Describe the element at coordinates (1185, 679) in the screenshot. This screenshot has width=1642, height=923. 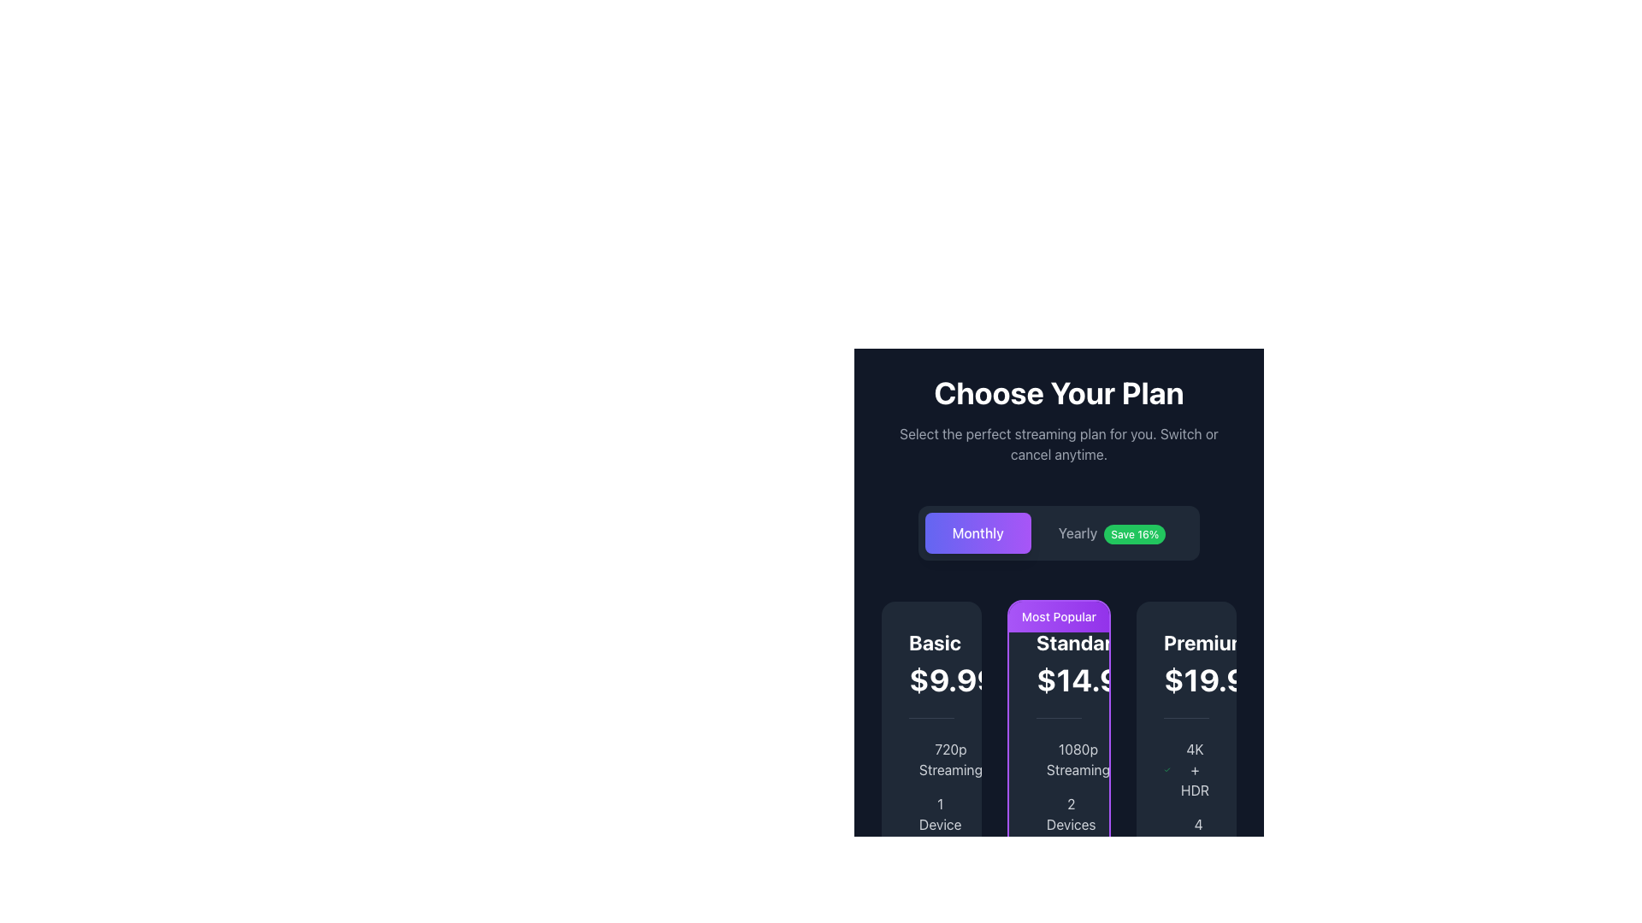
I see `the price information text element displaying '$19.99/mo' in the Premium subscription plan section of the pricing table` at that location.